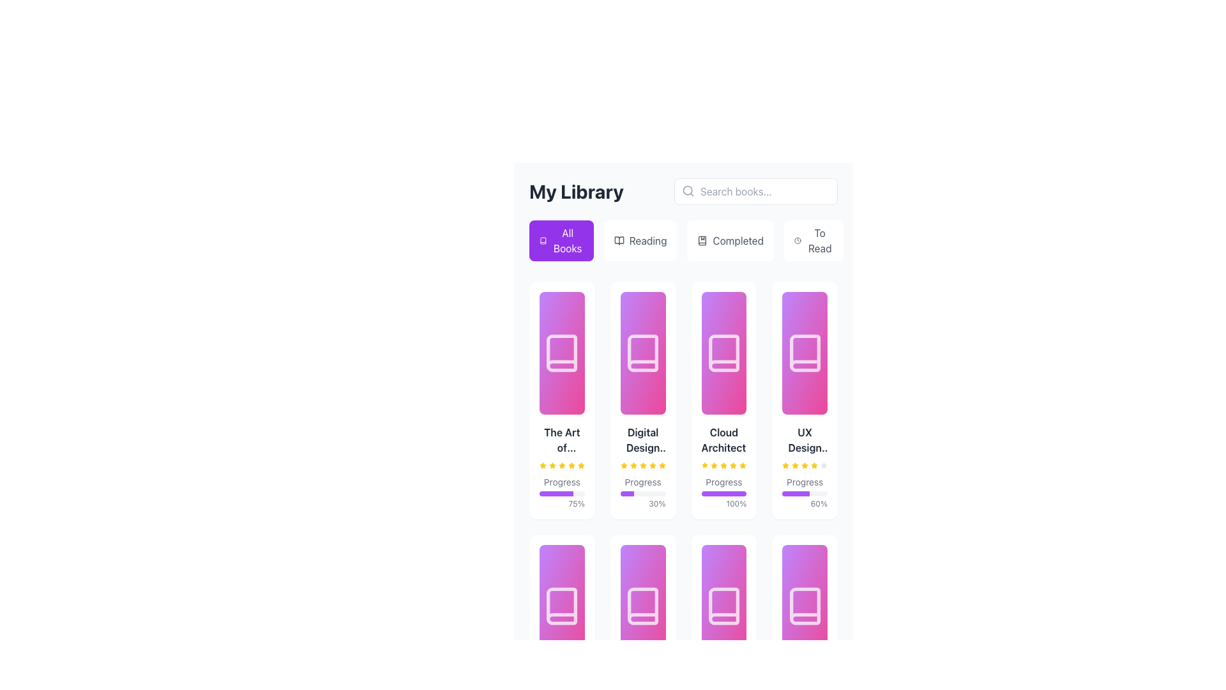 The width and height of the screenshot is (1226, 690). What do you see at coordinates (552, 465) in the screenshot?
I see `the second star icon in the rating component, which is filled in yellow and part of the rating stars below the title 'The Art of...' in the first book card` at bounding box center [552, 465].